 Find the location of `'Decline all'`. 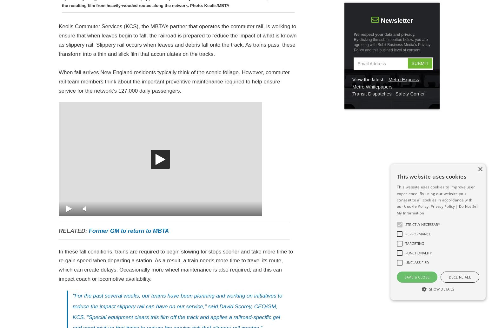

'Decline all' is located at coordinates (459, 277).